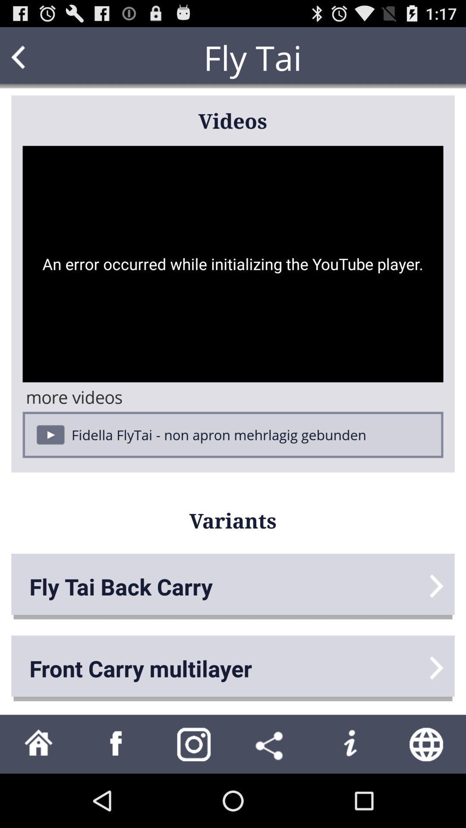 The height and width of the screenshot is (828, 466). Describe the element at coordinates (38, 796) in the screenshot. I see `the home icon` at that location.